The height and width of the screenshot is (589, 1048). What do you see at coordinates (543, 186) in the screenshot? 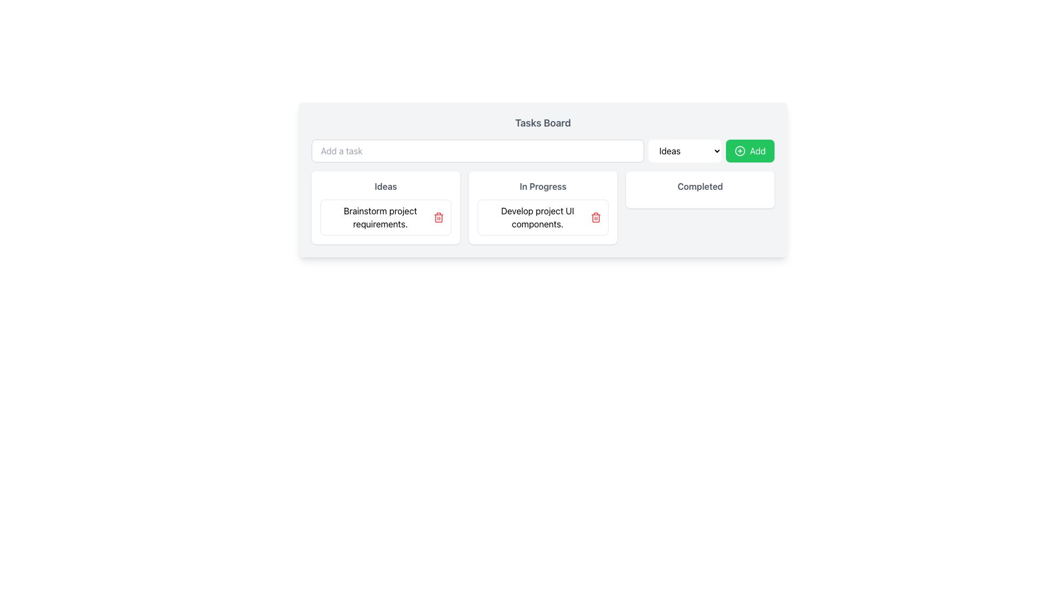
I see `the text label displaying 'In Progress' in bold light gray, located at the top of the card for 'In Progress' tasks` at bounding box center [543, 186].